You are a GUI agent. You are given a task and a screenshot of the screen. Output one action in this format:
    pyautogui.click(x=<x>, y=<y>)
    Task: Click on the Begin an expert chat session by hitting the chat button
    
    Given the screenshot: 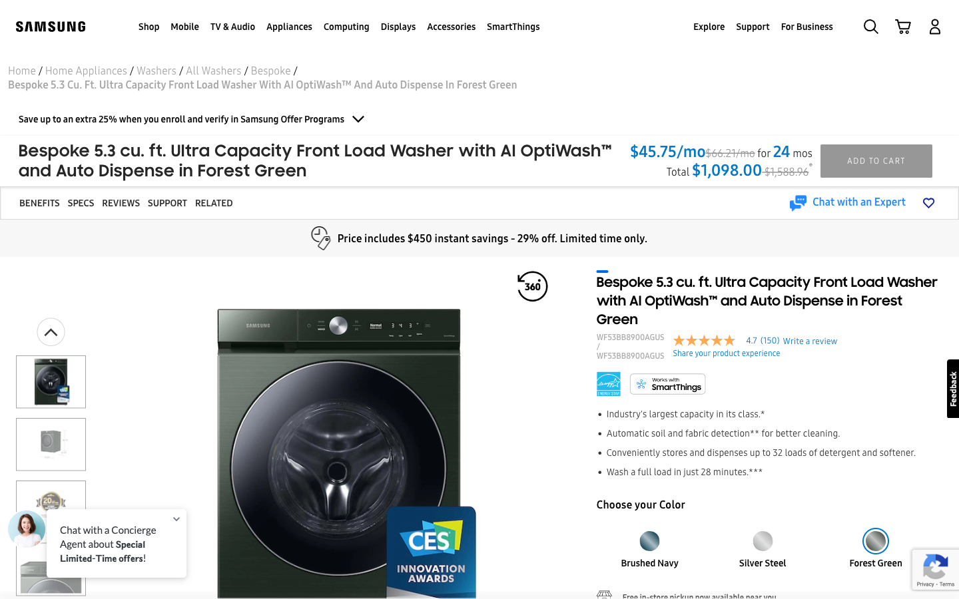 What is the action you would take?
    pyautogui.click(x=847, y=202)
    